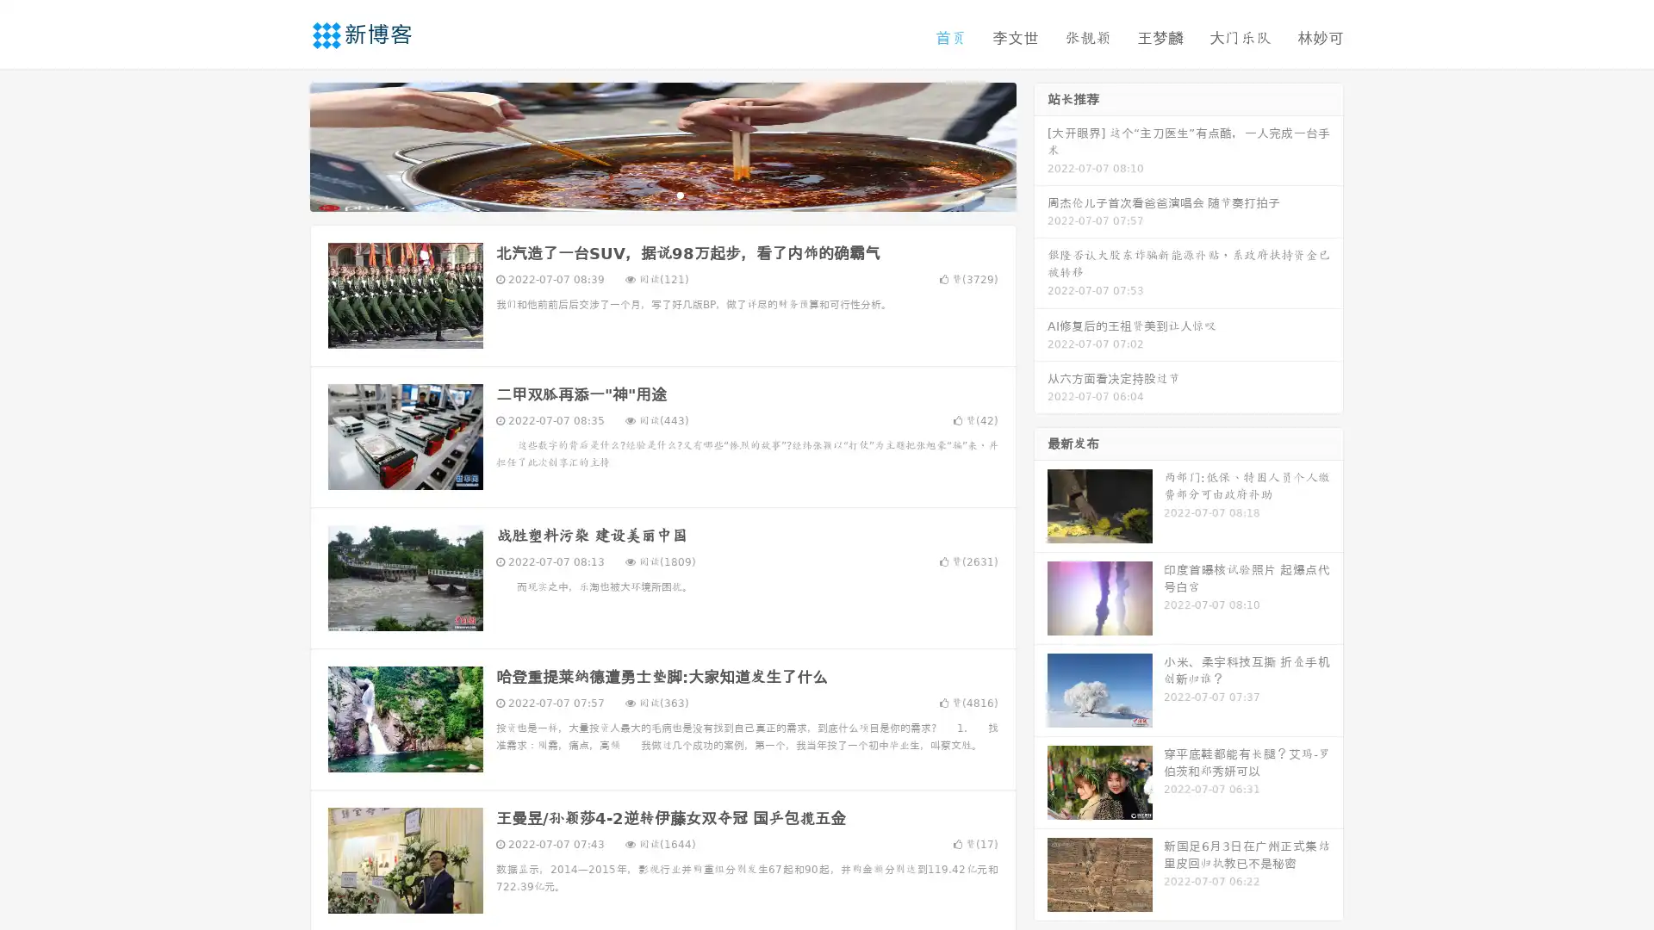  I want to click on Go to slide 1, so click(644, 194).